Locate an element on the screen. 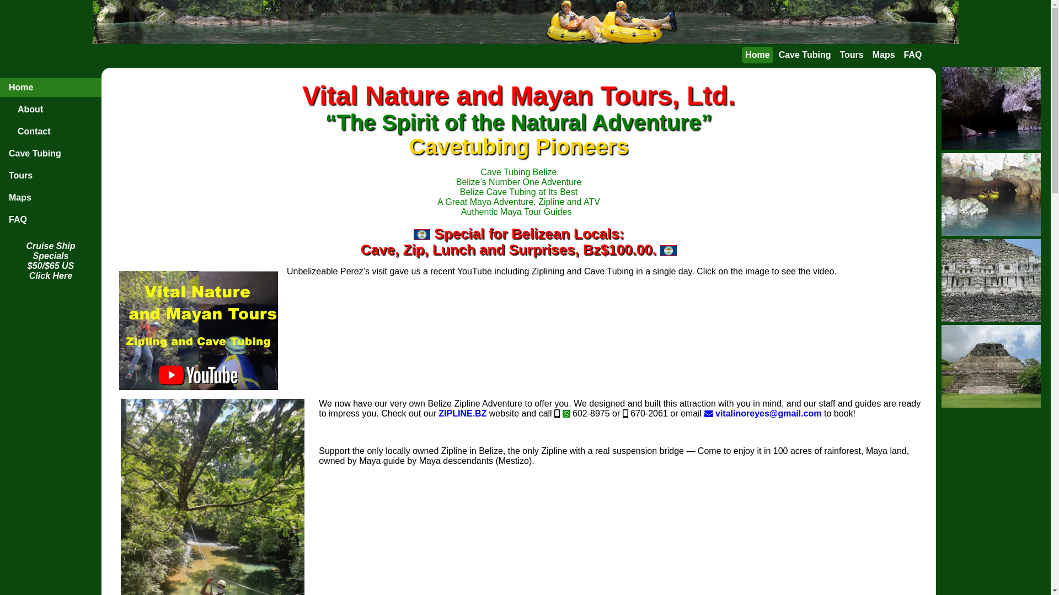  'Contact' is located at coordinates (50, 131).